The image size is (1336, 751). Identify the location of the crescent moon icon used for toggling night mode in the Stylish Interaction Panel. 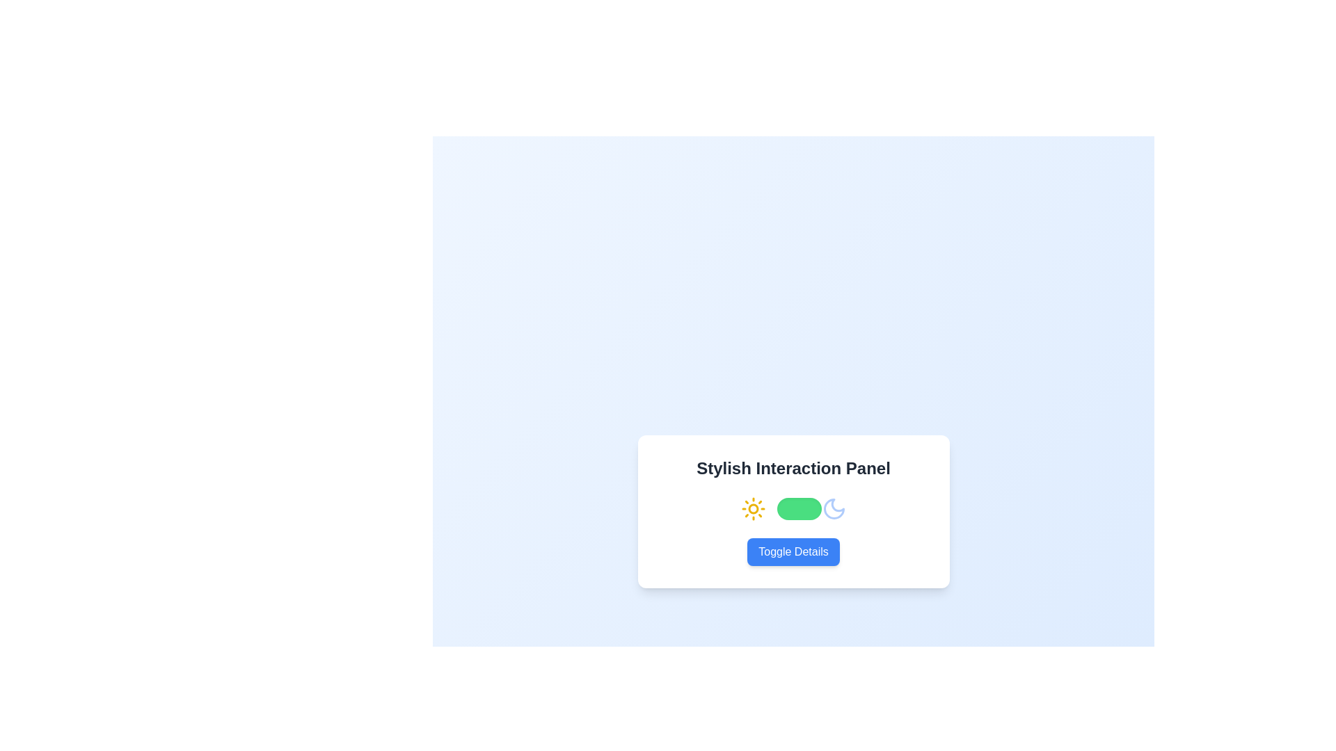
(834, 509).